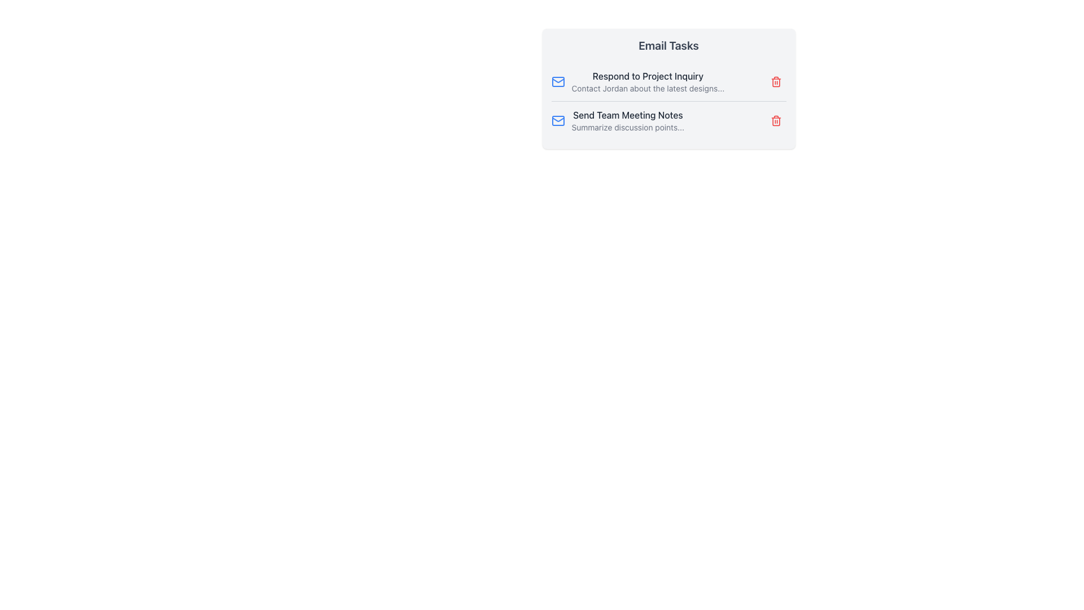 The width and height of the screenshot is (1084, 610). What do you see at coordinates (558, 120) in the screenshot?
I see `the envelope icon representing the email action for 'Send Team Meeting Notes'` at bounding box center [558, 120].